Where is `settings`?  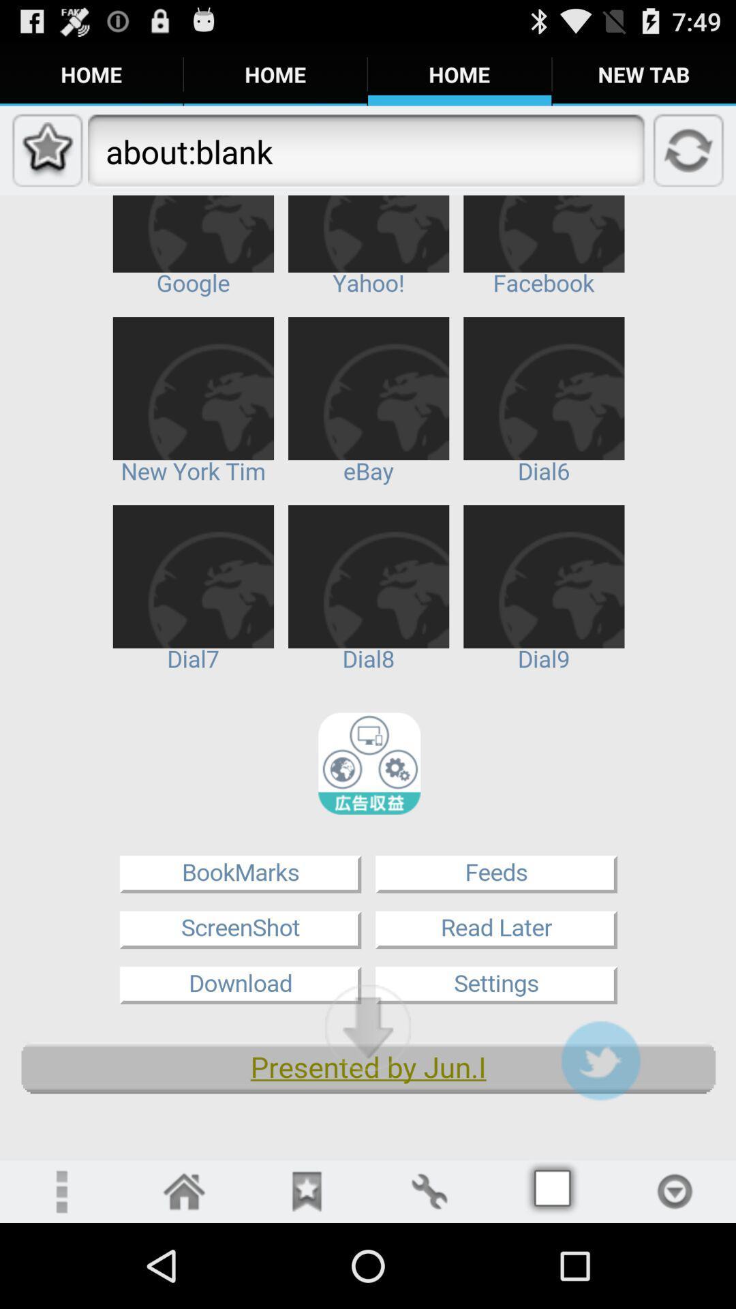 settings is located at coordinates (428, 1190).